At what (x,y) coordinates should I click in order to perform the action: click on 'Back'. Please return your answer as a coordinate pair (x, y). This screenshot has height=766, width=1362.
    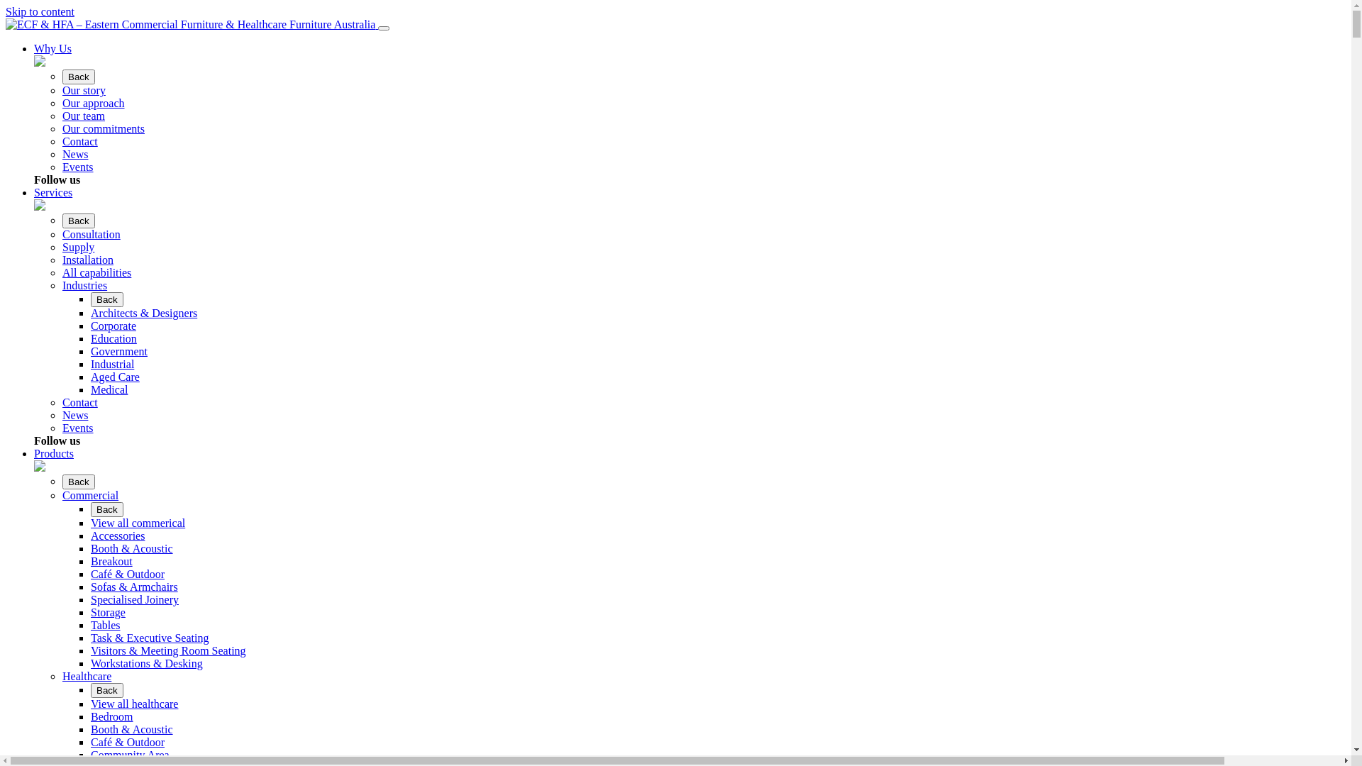
    Looking at the image, I should click on (106, 509).